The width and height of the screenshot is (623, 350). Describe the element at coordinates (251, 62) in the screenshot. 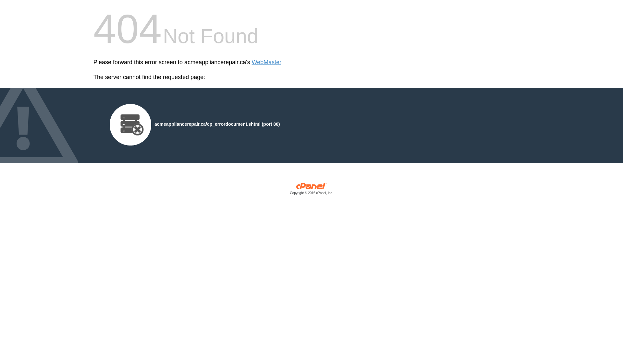

I see `'WebMaster'` at that location.